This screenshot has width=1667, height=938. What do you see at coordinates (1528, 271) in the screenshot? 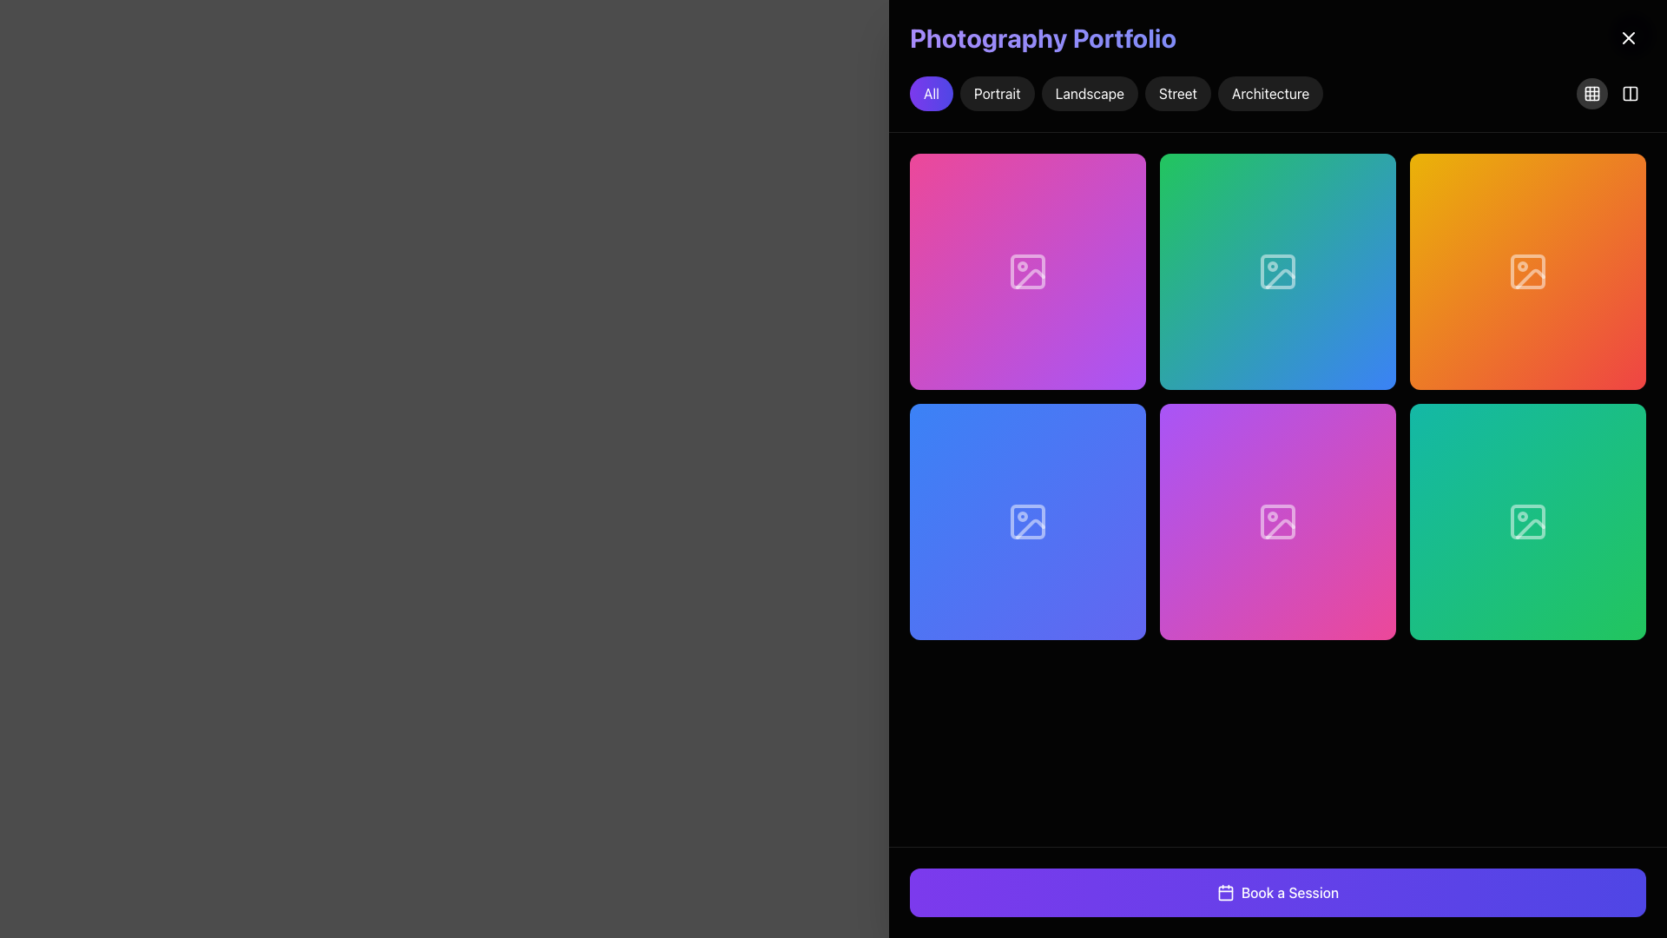
I see `the decorative rectangle located within the orange square tile at the top right corner of the grid layout, which signifies imagery or media content` at bounding box center [1528, 271].